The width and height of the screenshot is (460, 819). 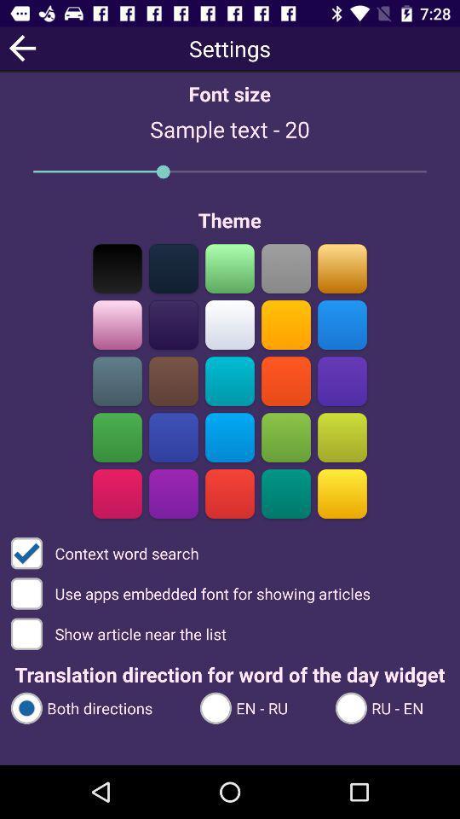 I want to click on change color to blue, so click(x=173, y=437).